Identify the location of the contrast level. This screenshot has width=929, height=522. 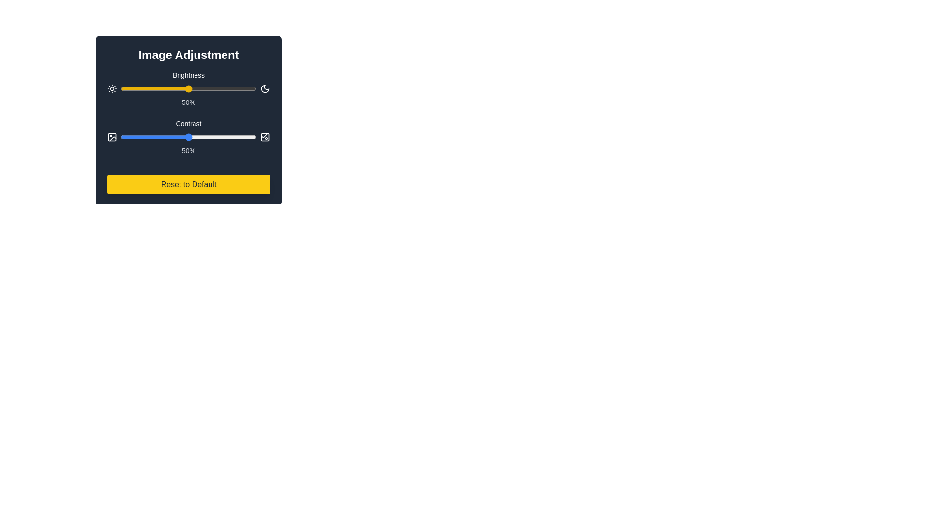
(203, 137).